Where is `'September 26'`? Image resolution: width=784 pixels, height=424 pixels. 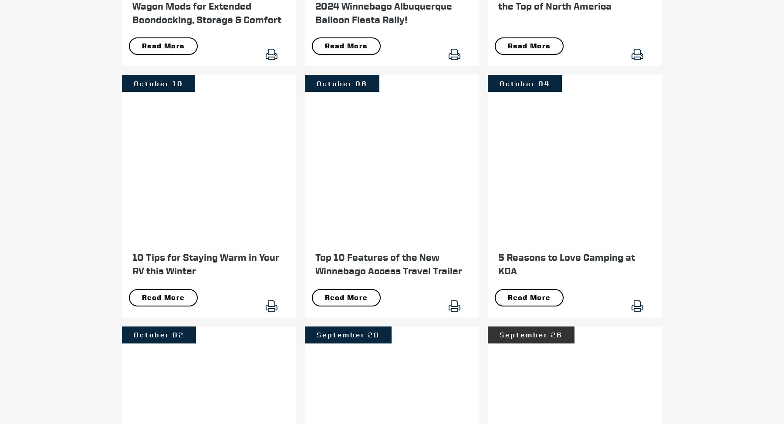
'September 26' is located at coordinates (531, 334).